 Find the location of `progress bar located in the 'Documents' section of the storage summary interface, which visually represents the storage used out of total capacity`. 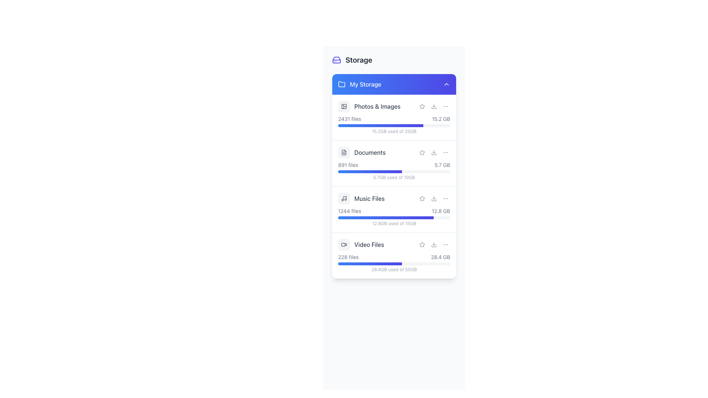

progress bar located in the 'Documents' section of the storage summary interface, which visually represents the storage used out of total capacity is located at coordinates (394, 172).